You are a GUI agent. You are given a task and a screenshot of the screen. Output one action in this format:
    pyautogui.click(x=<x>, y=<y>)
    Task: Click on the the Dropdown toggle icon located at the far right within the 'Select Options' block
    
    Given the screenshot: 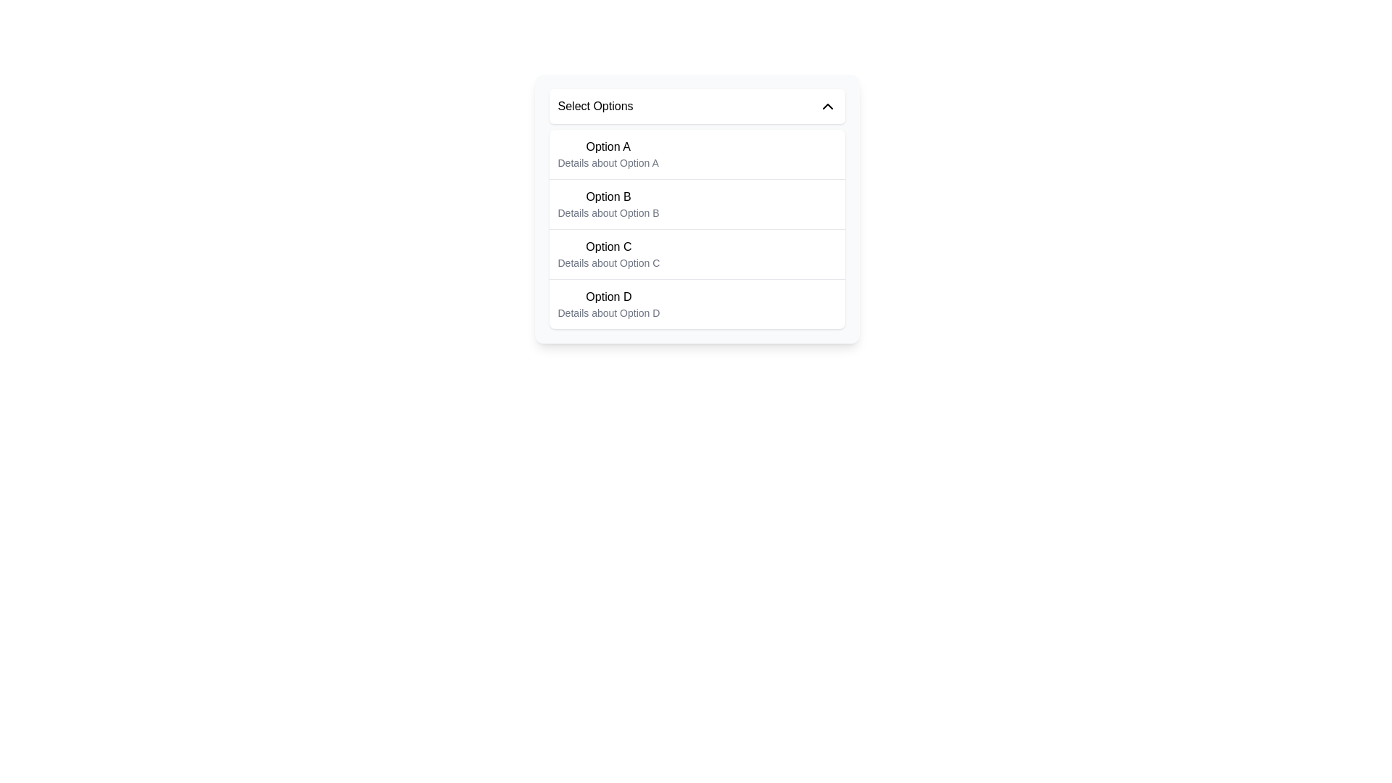 What is the action you would take?
    pyautogui.click(x=827, y=105)
    